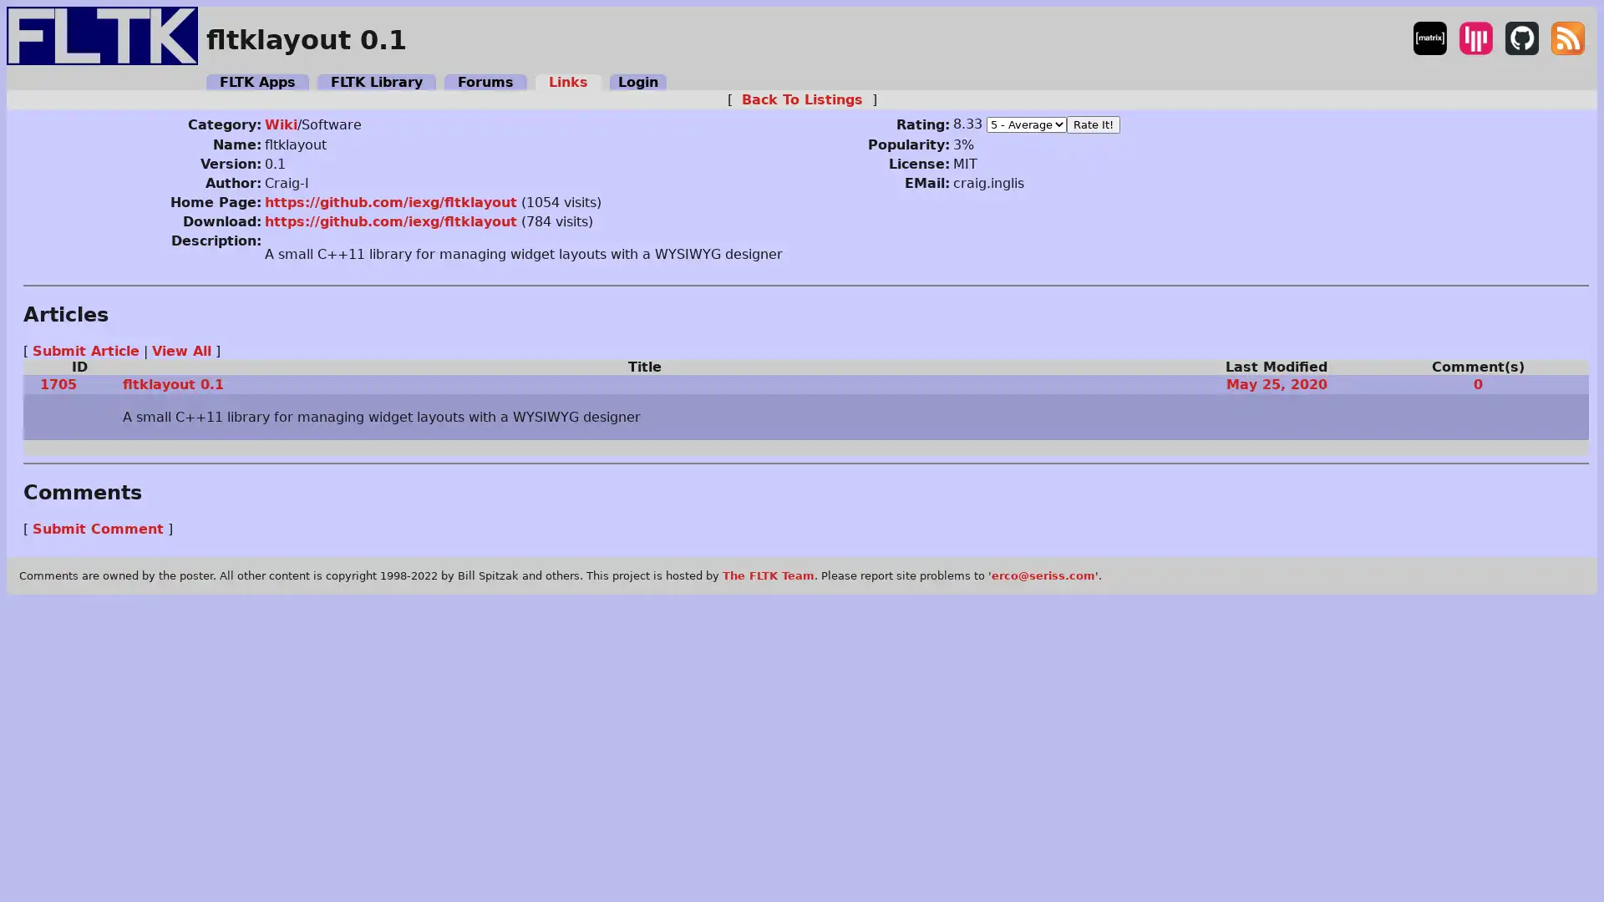  Describe the element at coordinates (1092, 123) in the screenshot. I see `Rate It!` at that location.